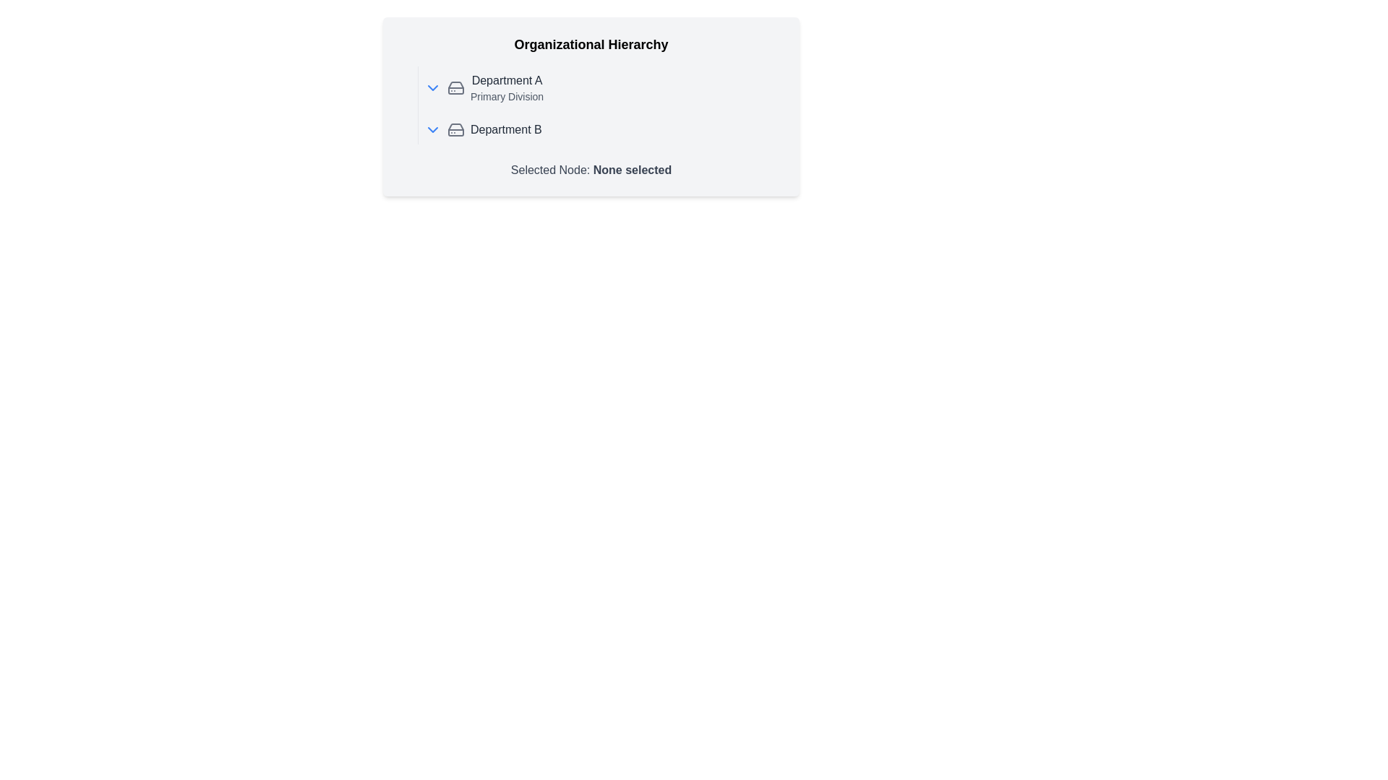  I want to click on the text label displaying 'Selected Node: None selected', which is styled in gray and located at the bottom of the organizational hierarchy section, so click(591, 169).